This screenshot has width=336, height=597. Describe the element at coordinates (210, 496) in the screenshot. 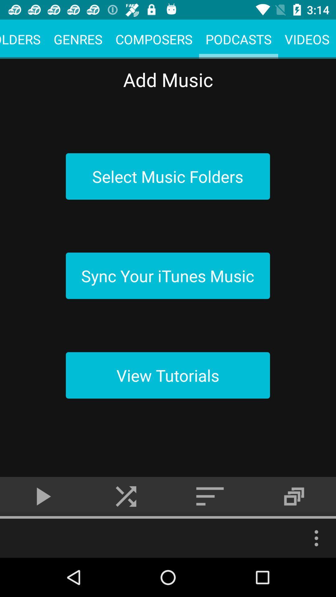

I see `the filter_list icon` at that location.